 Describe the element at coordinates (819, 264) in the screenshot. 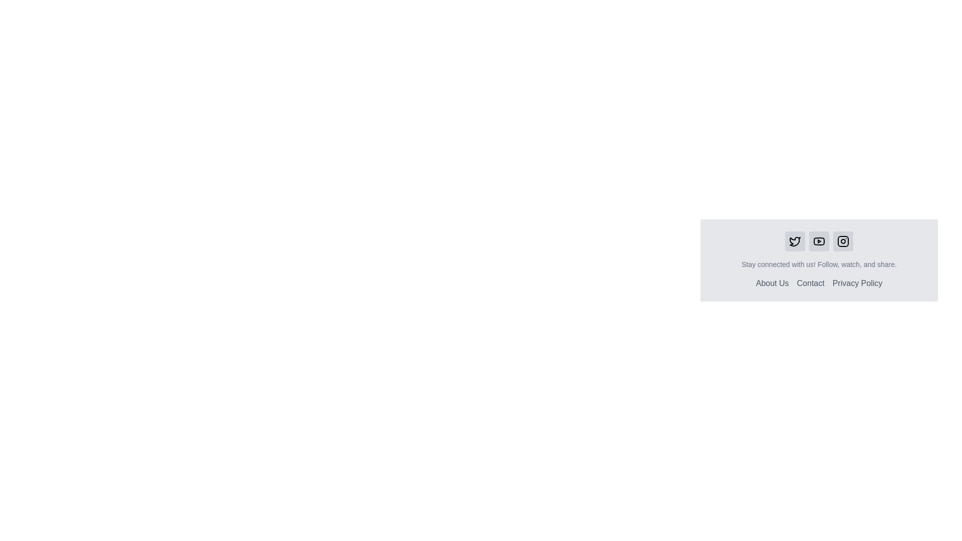

I see `the informational text encouraging users to engage with social media, located below the social media icons and above the links ('About Us', 'Contact', and 'Privacy Policy')` at that location.